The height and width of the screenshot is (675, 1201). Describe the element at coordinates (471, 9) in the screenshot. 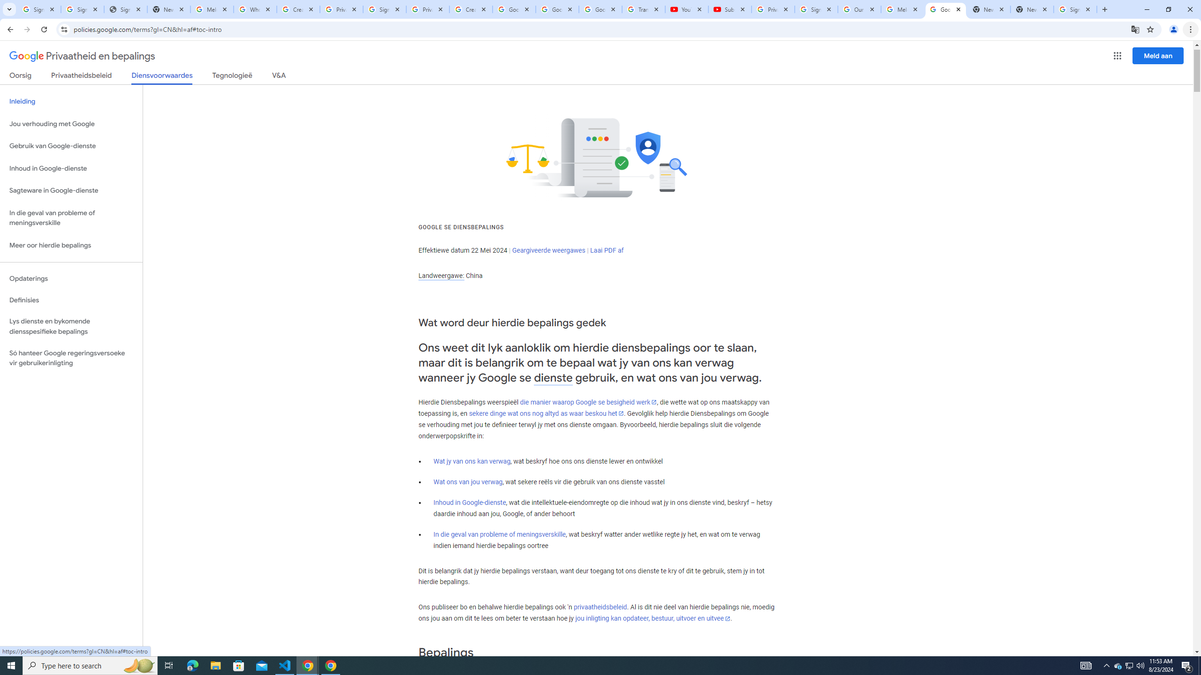

I see `'Create your Google Account'` at that location.